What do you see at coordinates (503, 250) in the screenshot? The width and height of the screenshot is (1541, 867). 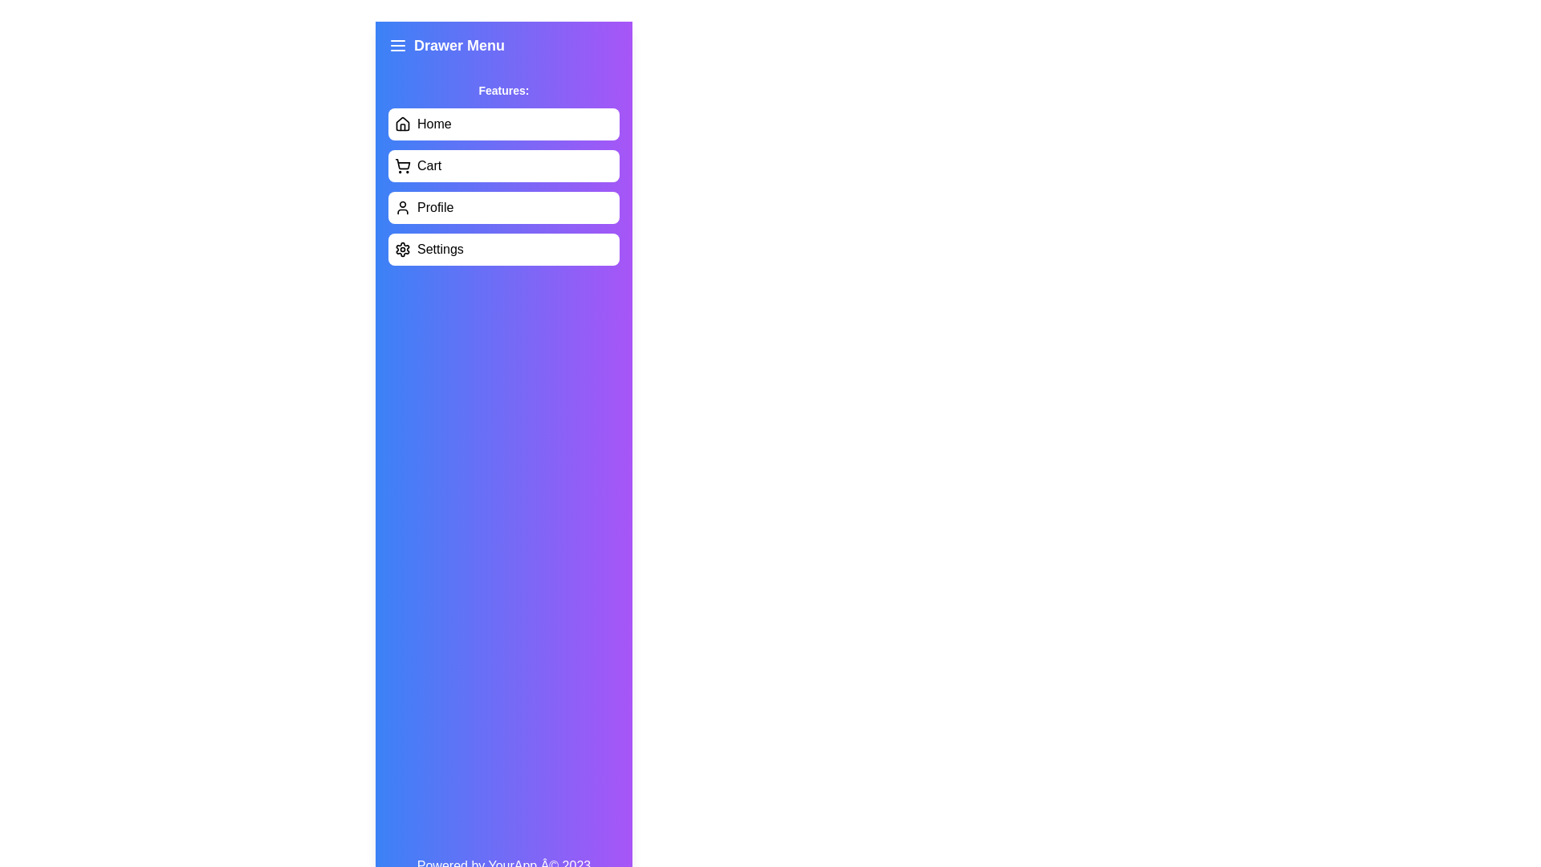 I see `the 'Settings' menu item in the navigation list to trigger the visual shadow effect` at bounding box center [503, 250].